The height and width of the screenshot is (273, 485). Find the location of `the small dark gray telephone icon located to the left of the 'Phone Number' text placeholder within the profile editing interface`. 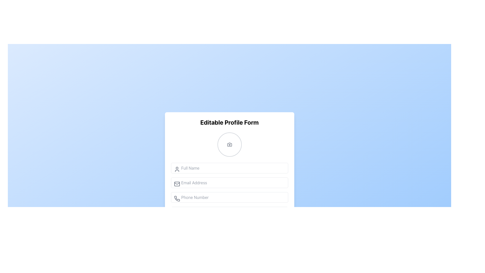

the small dark gray telephone icon located to the left of the 'Phone Number' text placeholder within the profile editing interface is located at coordinates (177, 198).